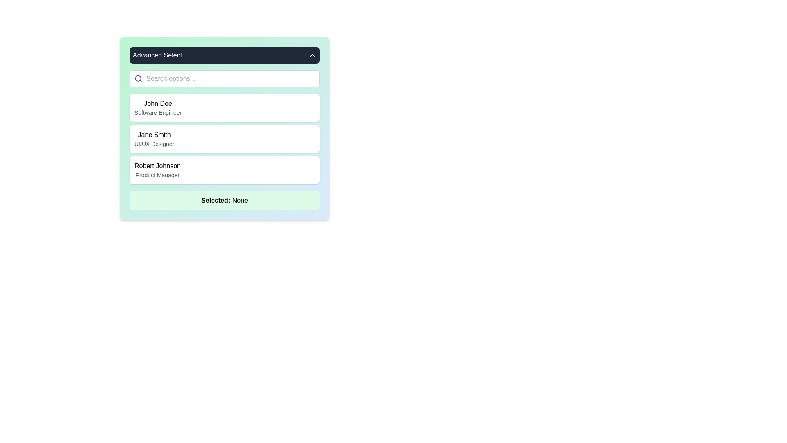 Image resolution: width=787 pixels, height=443 pixels. What do you see at coordinates (312, 55) in the screenshot?
I see `the upward-pointing chevron icon located at the rightmost side of the 'Advanced Select' bar` at bounding box center [312, 55].